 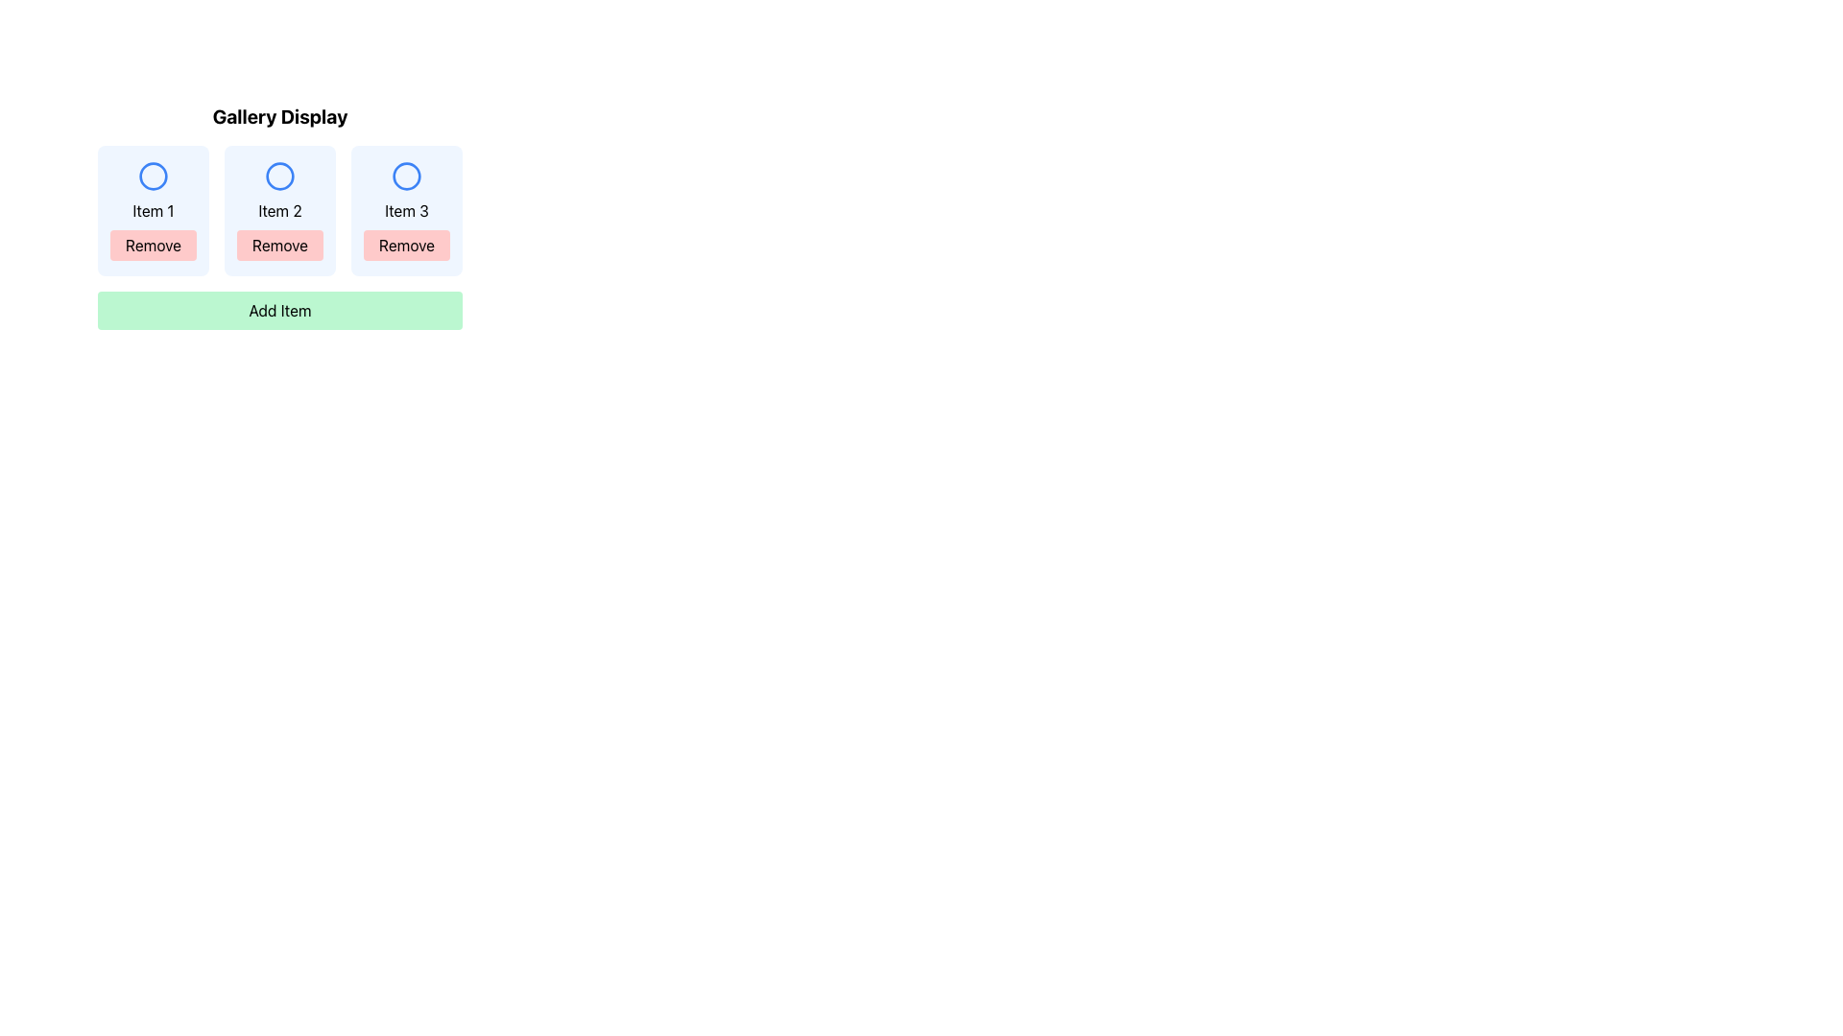 What do you see at coordinates (152, 244) in the screenshot?
I see `the remove button for 'Item 1'` at bounding box center [152, 244].